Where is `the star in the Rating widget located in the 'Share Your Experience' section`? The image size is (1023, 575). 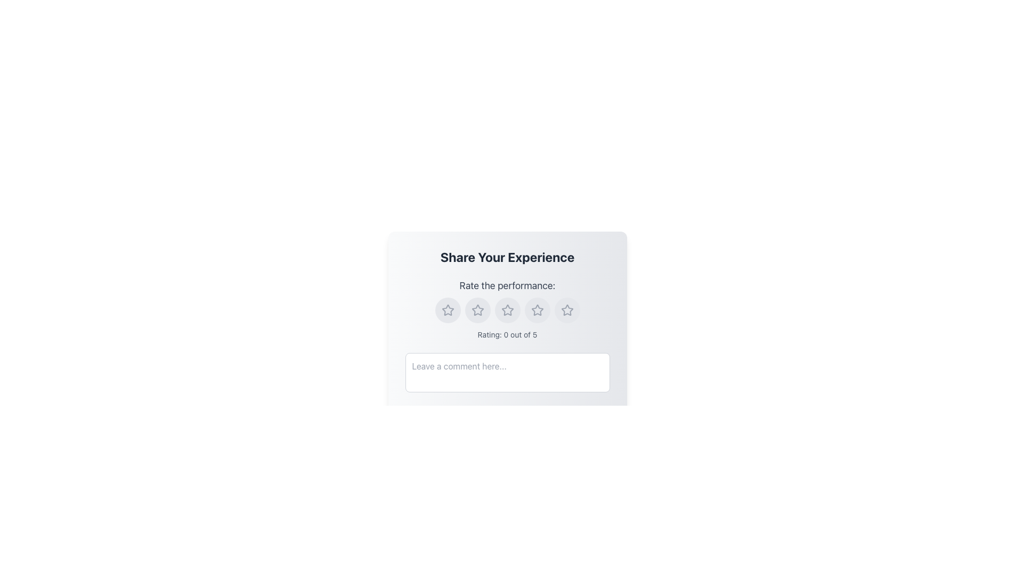
the star in the Rating widget located in the 'Share Your Experience' section is located at coordinates (507, 309).